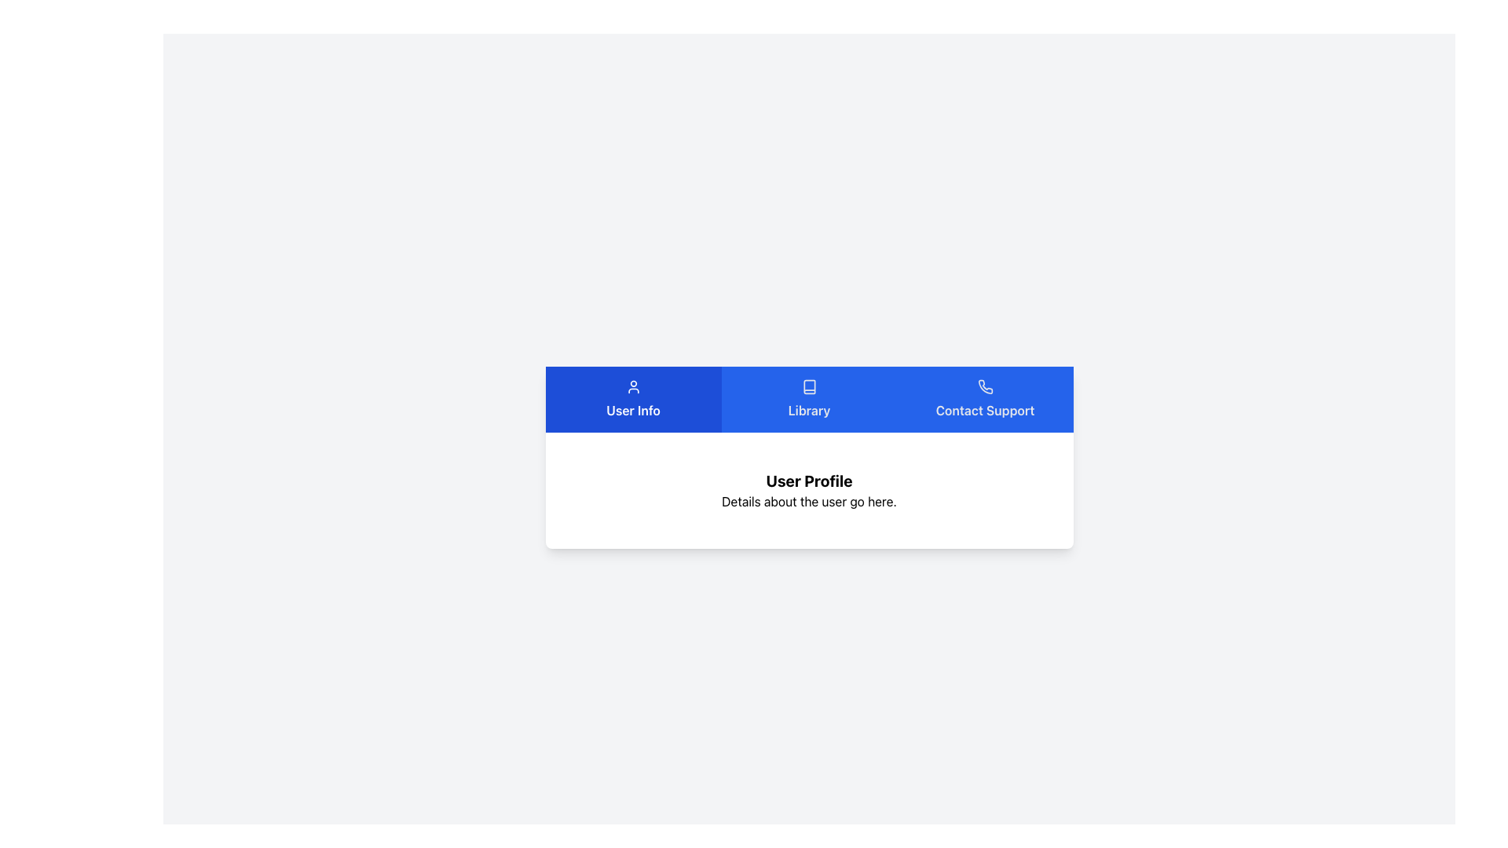 The image size is (1508, 848). I want to click on the 'Library' icon in the navigation bar, which is centered horizontally in the 'Library' section and positioned above the text label 'Library', so click(809, 387).